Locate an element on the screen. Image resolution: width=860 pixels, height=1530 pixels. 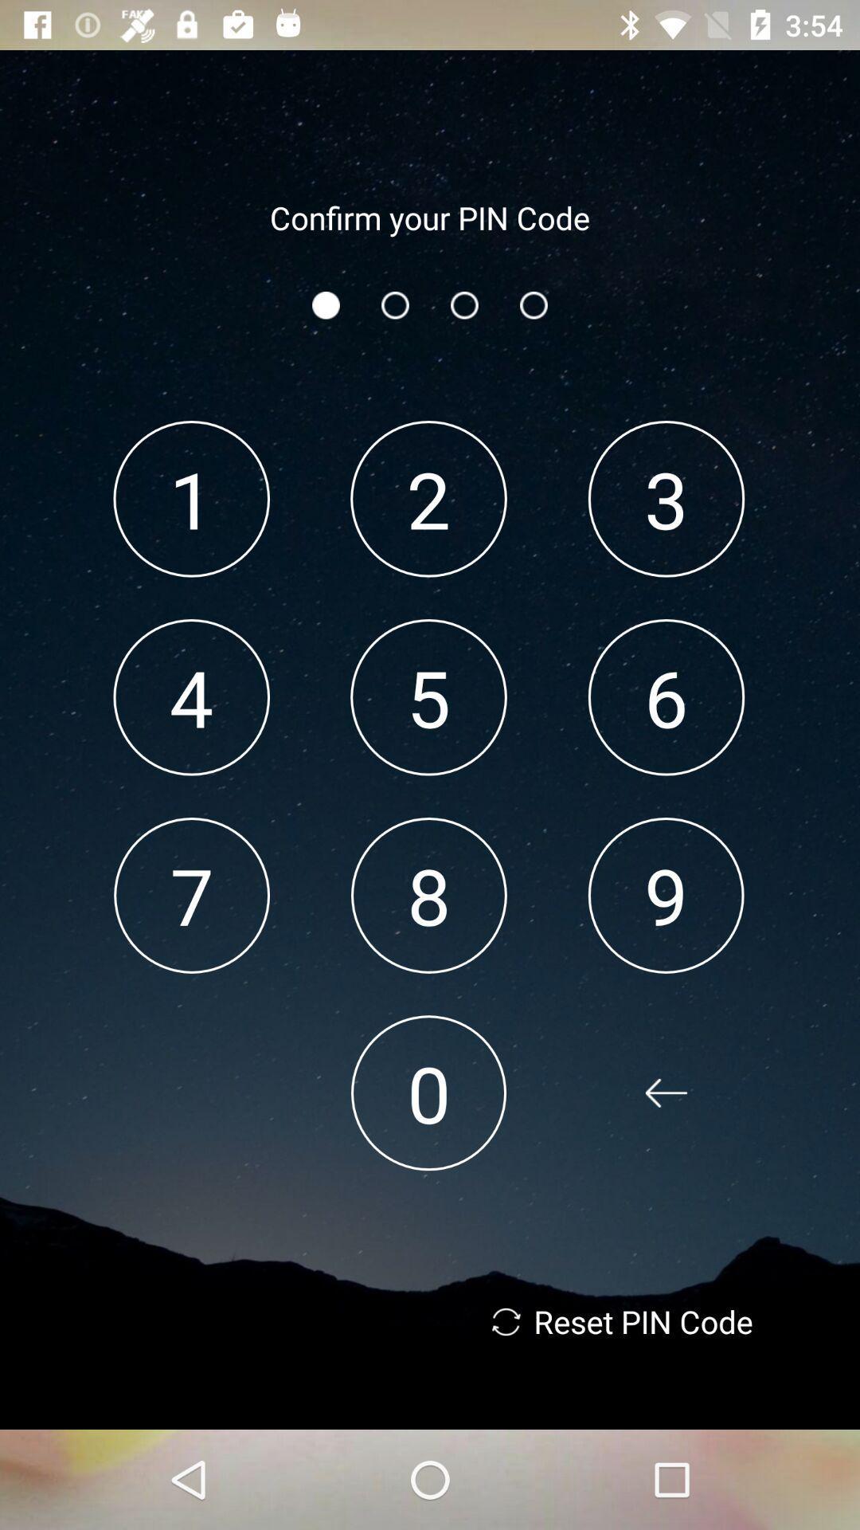
4 icon is located at coordinates (190, 697).